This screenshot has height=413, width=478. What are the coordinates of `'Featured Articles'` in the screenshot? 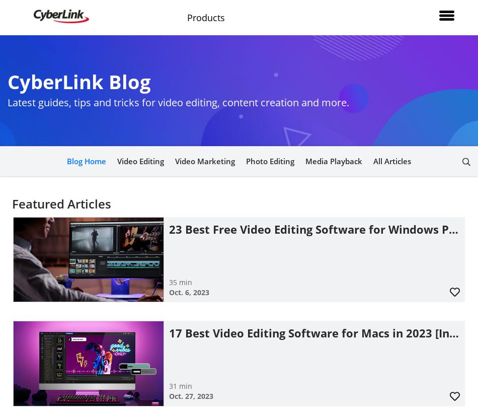 It's located at (61, 203).